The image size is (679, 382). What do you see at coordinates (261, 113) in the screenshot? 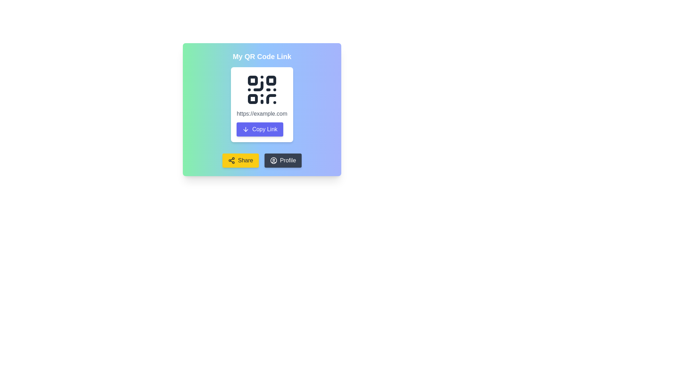
I see `the non-interactive text label displaying the URL, which is located centrally in the card below the QR code illustration and above the 'Copy Link' button` at bounding box center [261, 113].